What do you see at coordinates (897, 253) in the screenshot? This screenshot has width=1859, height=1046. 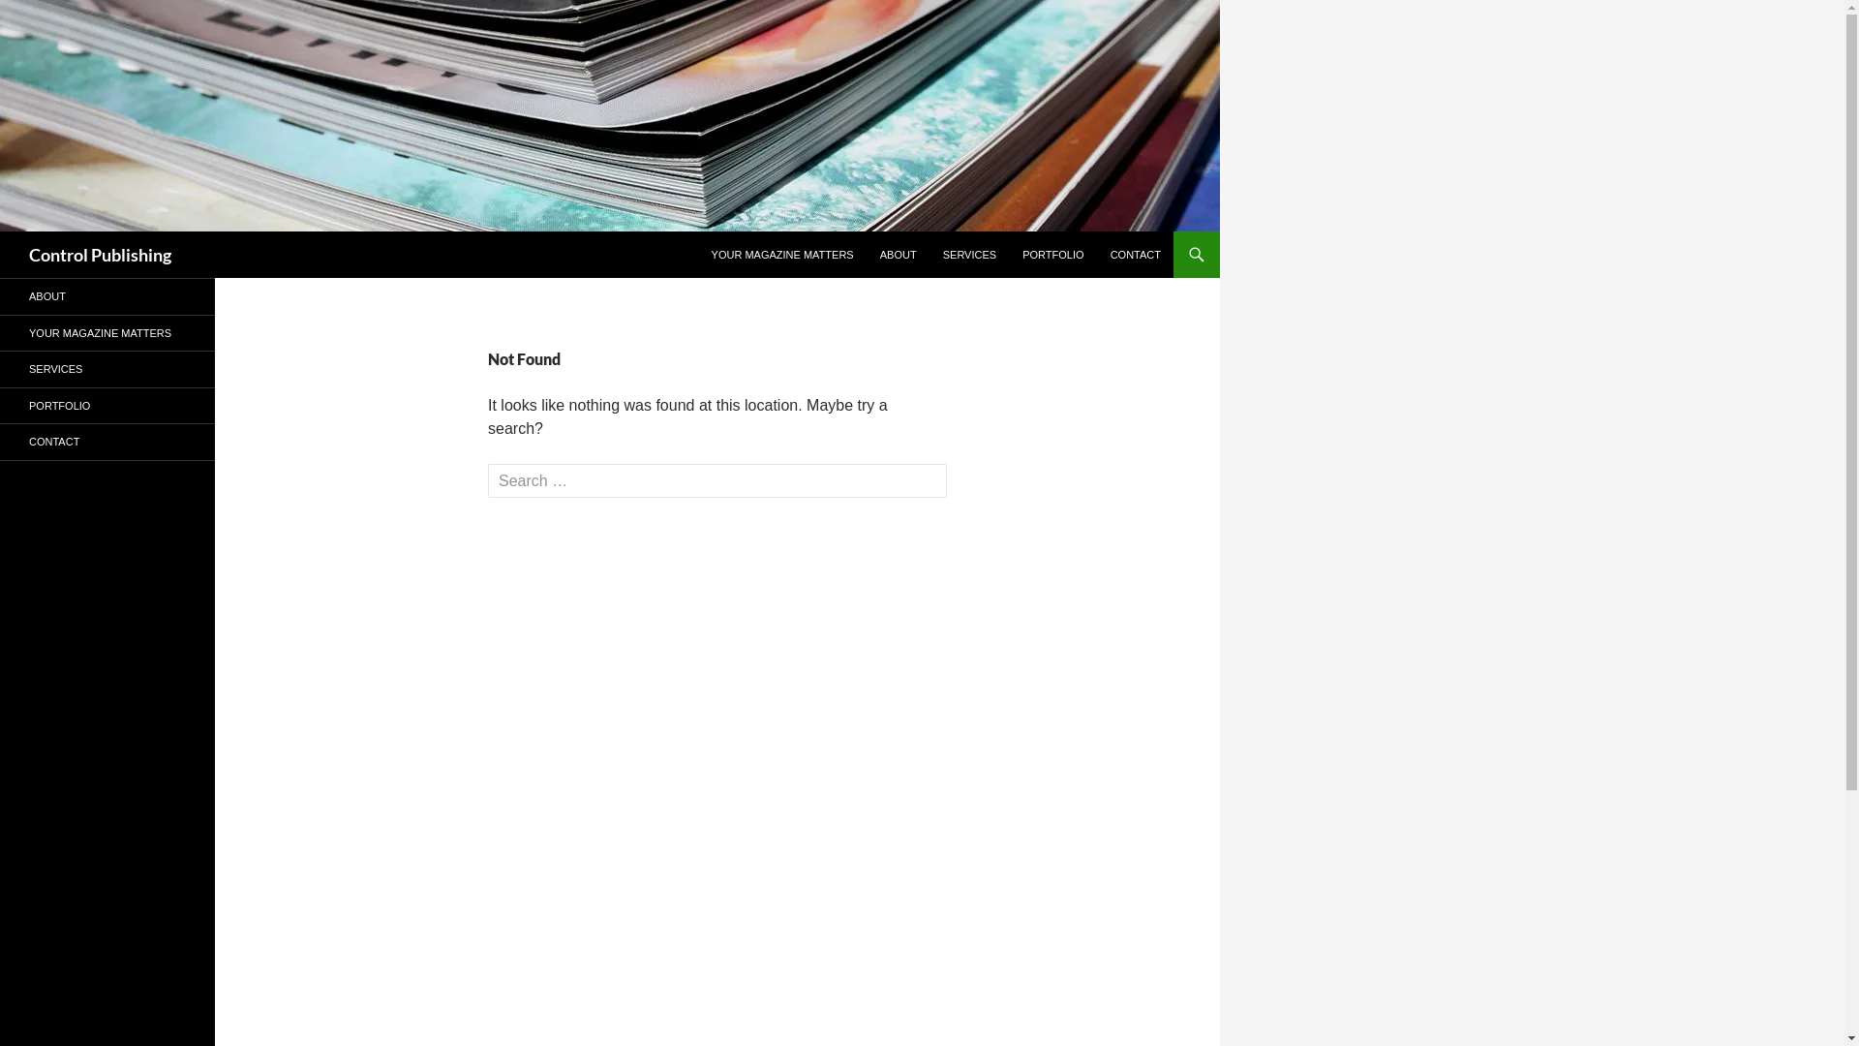 I see `'ABOUT'` at bounding box center [897, 253].